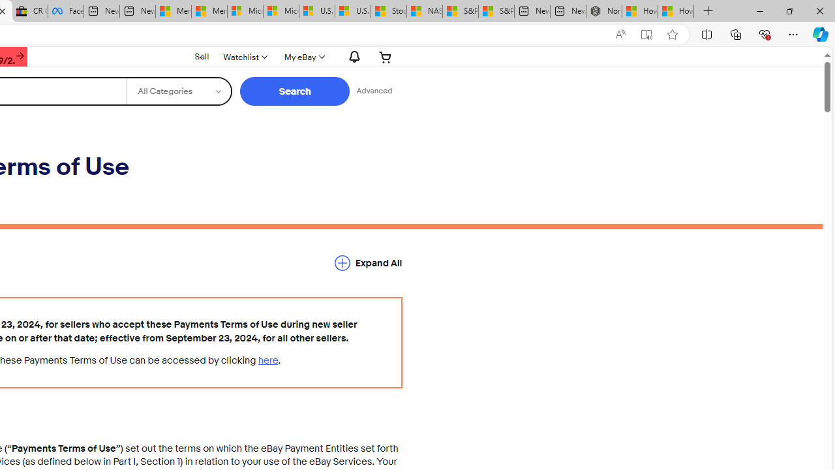 This screenshot has width=835, height=470. What do you see at coordinates (646, 34) in the screenshot?
I see `'Enter Immersive Reader (F9)'` at bounding box center [646, 34].